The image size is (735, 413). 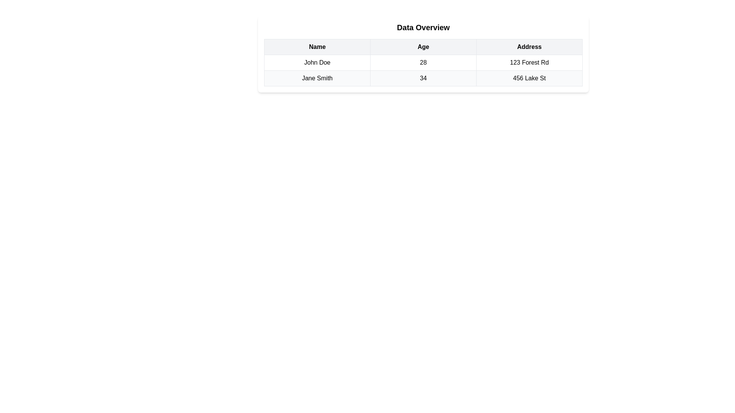 What do you see at coordinates (529, 78) in the screenshot?
I see `the address table cell displaying information for 'Jane Smith'` at bounding box center [529, 78].